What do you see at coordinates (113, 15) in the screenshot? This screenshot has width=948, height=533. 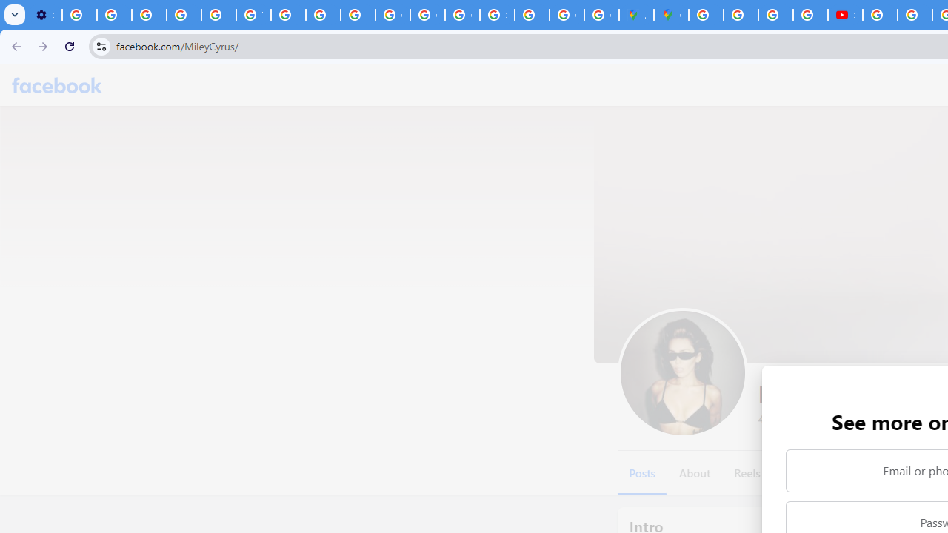 I see `'Learn how to find your photos - Google Photos Help'` at bounding box center [113, 15].